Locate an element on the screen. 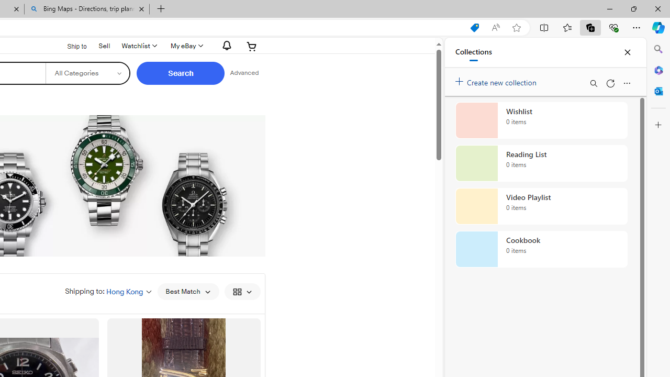 This screenshot has height=377, width=670. 'Ship to' is located at coordinates (70, 46).